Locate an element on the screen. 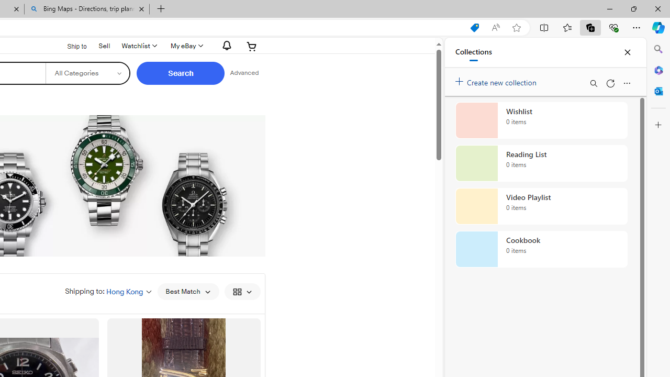 This screenshot has height=377, width=670. 'Ship to' is located at coordinates (70, 46).